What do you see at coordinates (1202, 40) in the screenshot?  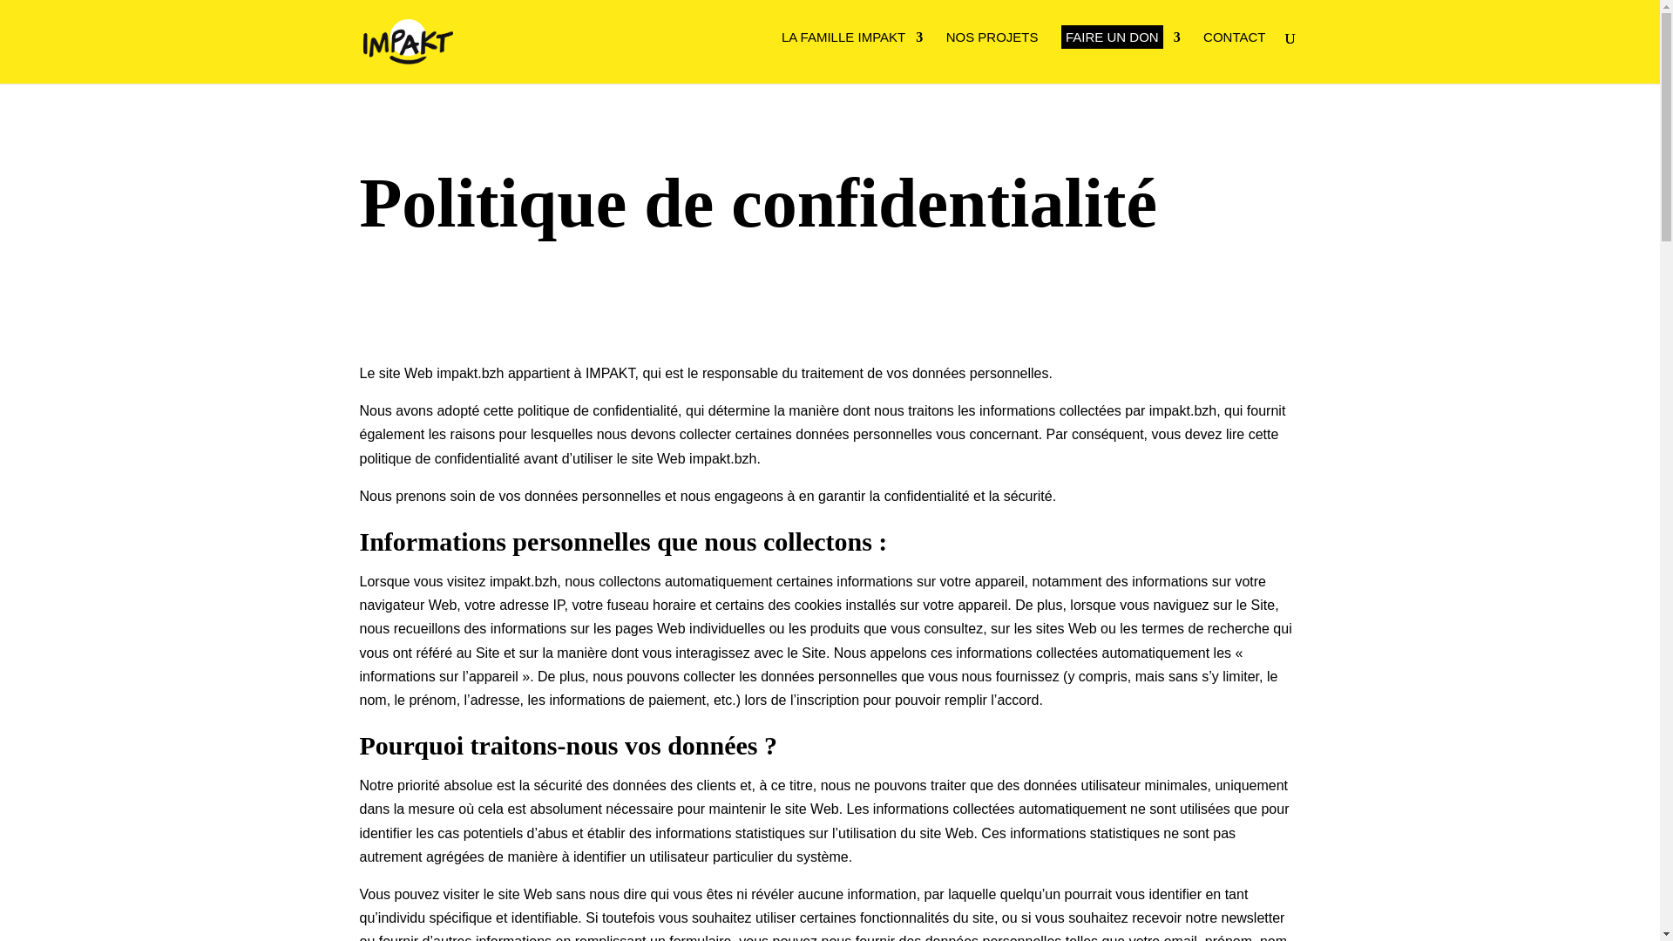 I see `'CONTACT'` at bounding box center [1202, 40].